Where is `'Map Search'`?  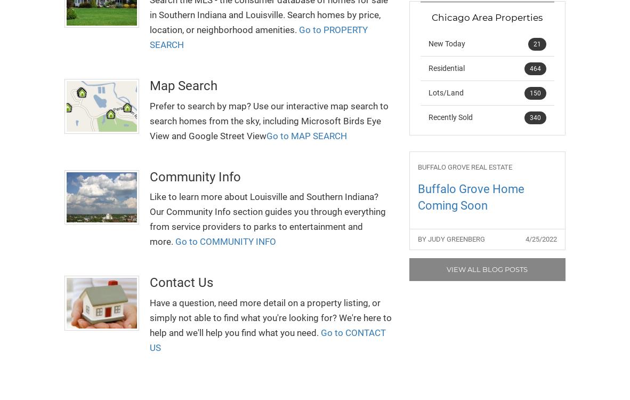
'Map Search' is located at coordinates (183, 86).